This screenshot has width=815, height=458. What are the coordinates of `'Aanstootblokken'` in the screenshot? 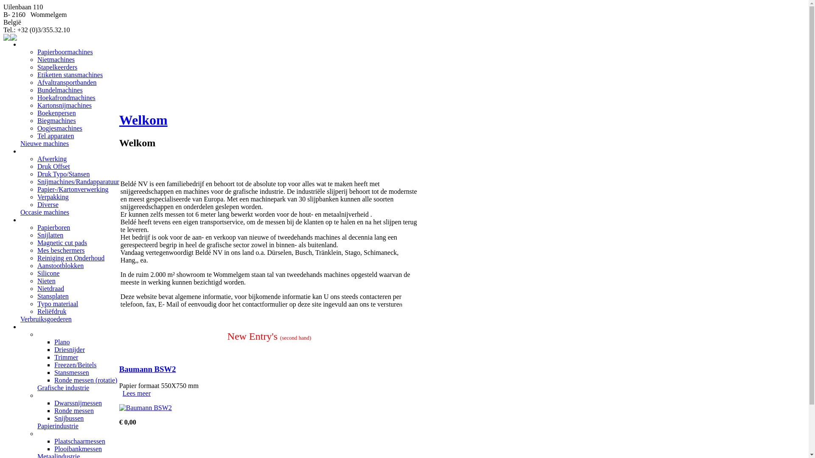 It's located at (60, 265).